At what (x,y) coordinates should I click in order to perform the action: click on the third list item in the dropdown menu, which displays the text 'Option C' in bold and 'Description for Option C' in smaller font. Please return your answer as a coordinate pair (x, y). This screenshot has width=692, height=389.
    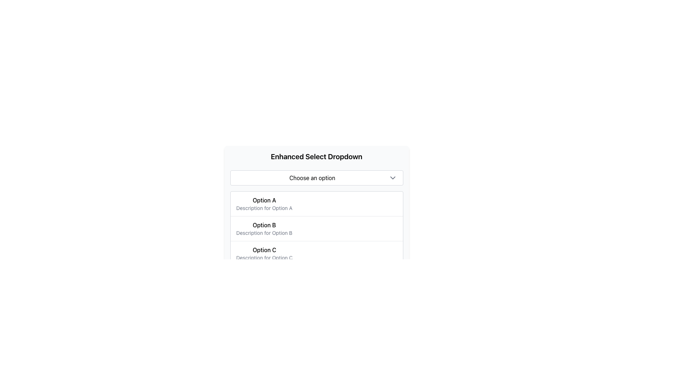
    Looking at the image, I should click on (267, 253).